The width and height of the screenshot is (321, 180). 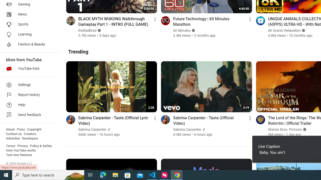 What do you see at coordinates (30, 134) in the screenshot?
I see `'Creators'` at bounding box center [30, 134].